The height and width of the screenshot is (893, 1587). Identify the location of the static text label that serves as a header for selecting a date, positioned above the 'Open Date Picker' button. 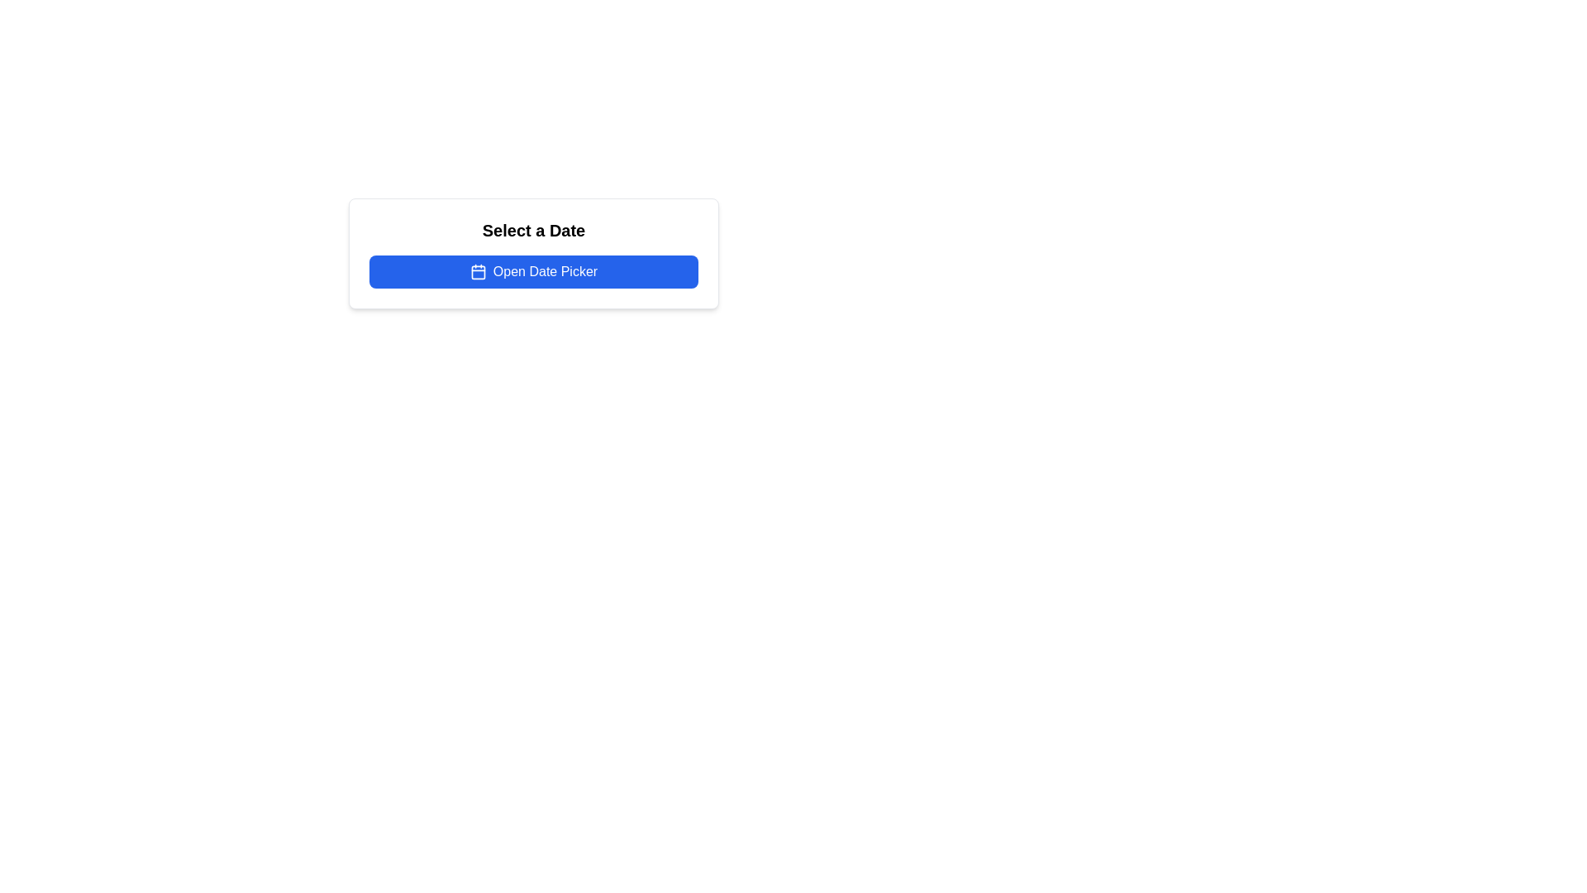
(534, 230).